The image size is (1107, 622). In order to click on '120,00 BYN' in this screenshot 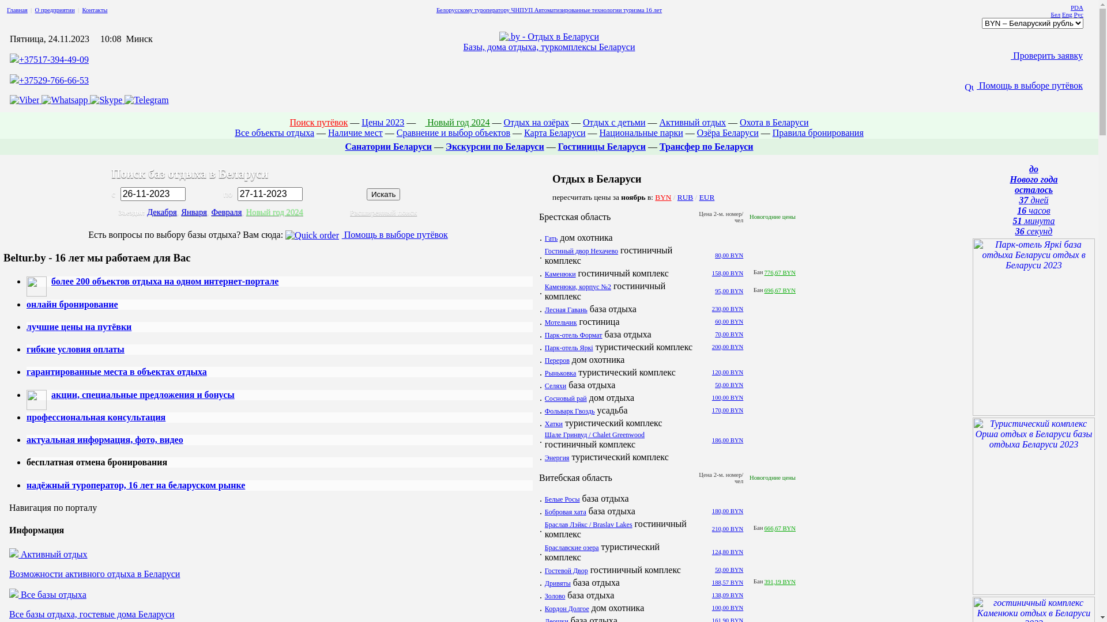, I will do `click(711, 372)`.